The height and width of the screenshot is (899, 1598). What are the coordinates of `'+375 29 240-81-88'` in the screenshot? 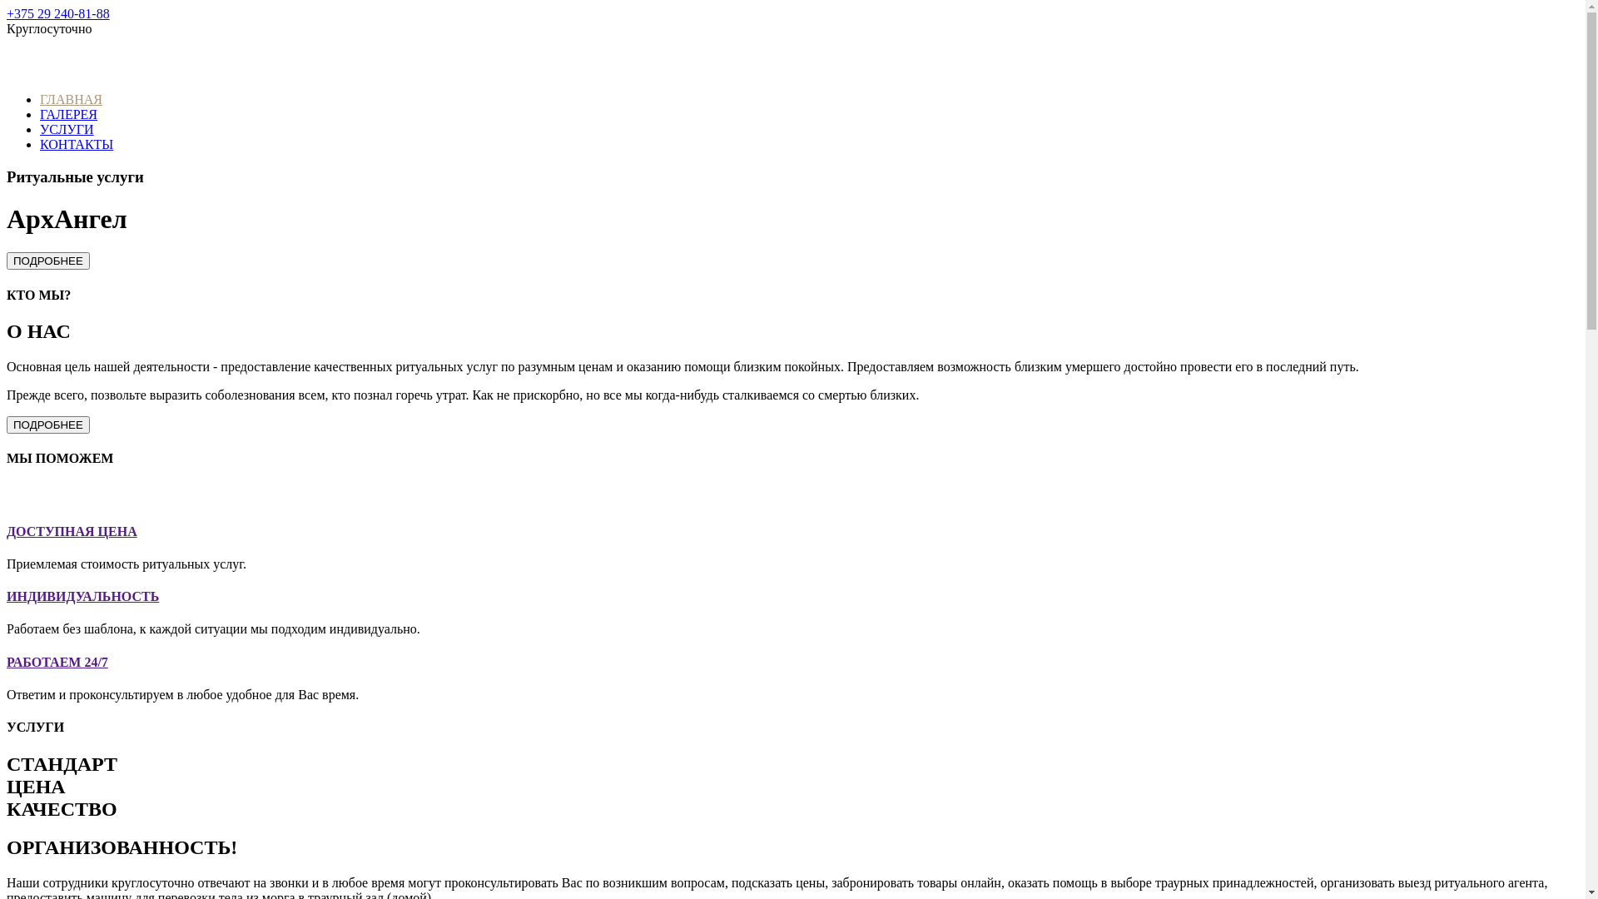 It's located at (58, 13).